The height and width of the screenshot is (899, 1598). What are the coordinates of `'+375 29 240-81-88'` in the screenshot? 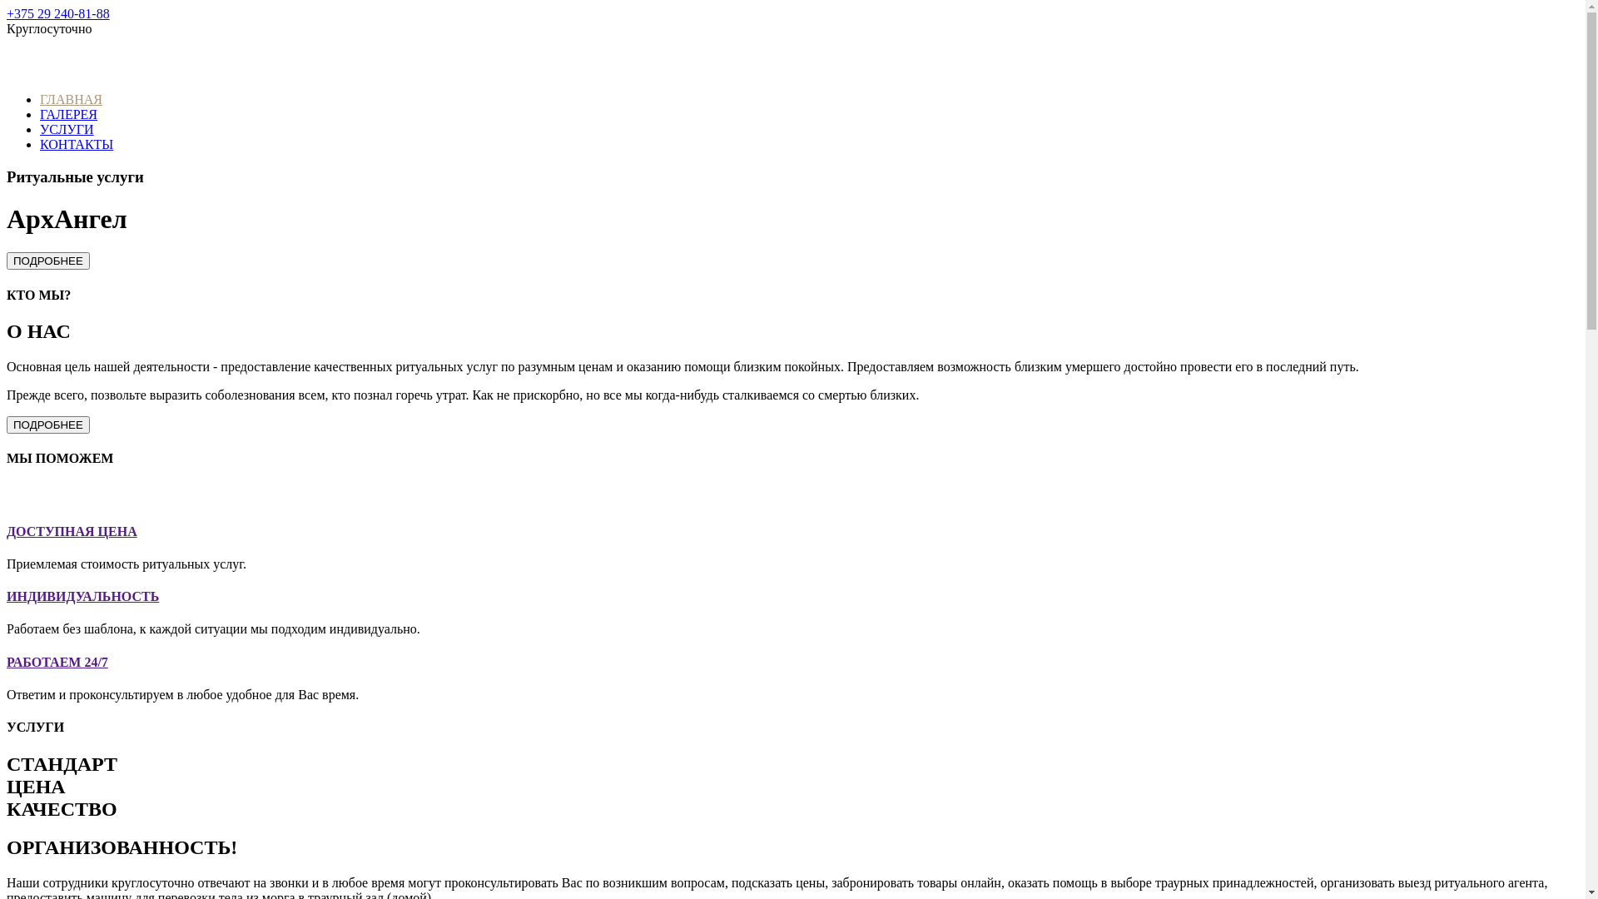 It's located at (58, 13).